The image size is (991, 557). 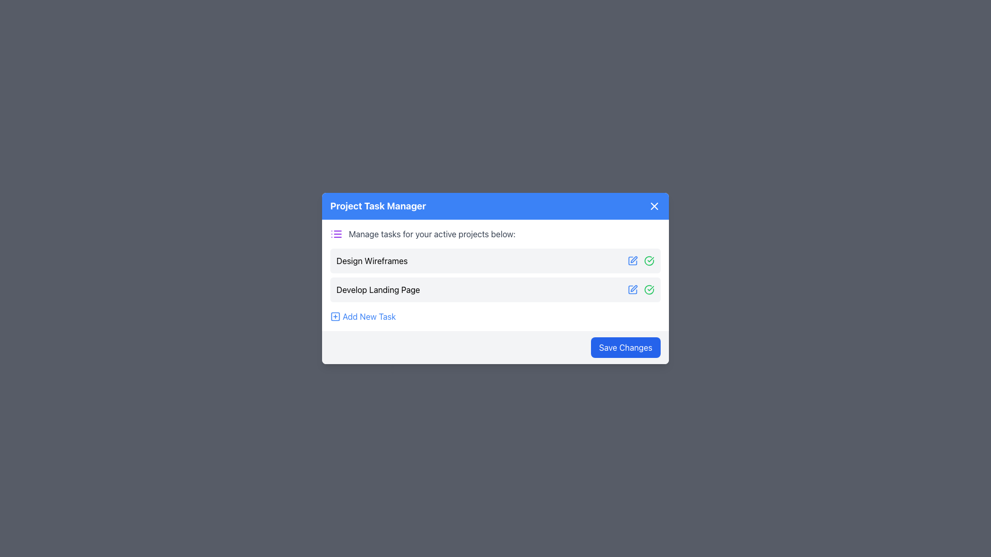 What do you see at coordinates (641, 290) in the screenshot?
I see `the horizontal group of icons consisting of a blue pen for editing and a green check for confirming, located to the right of the 'Develop Landing Page' row` at bounding box center [641, 290].